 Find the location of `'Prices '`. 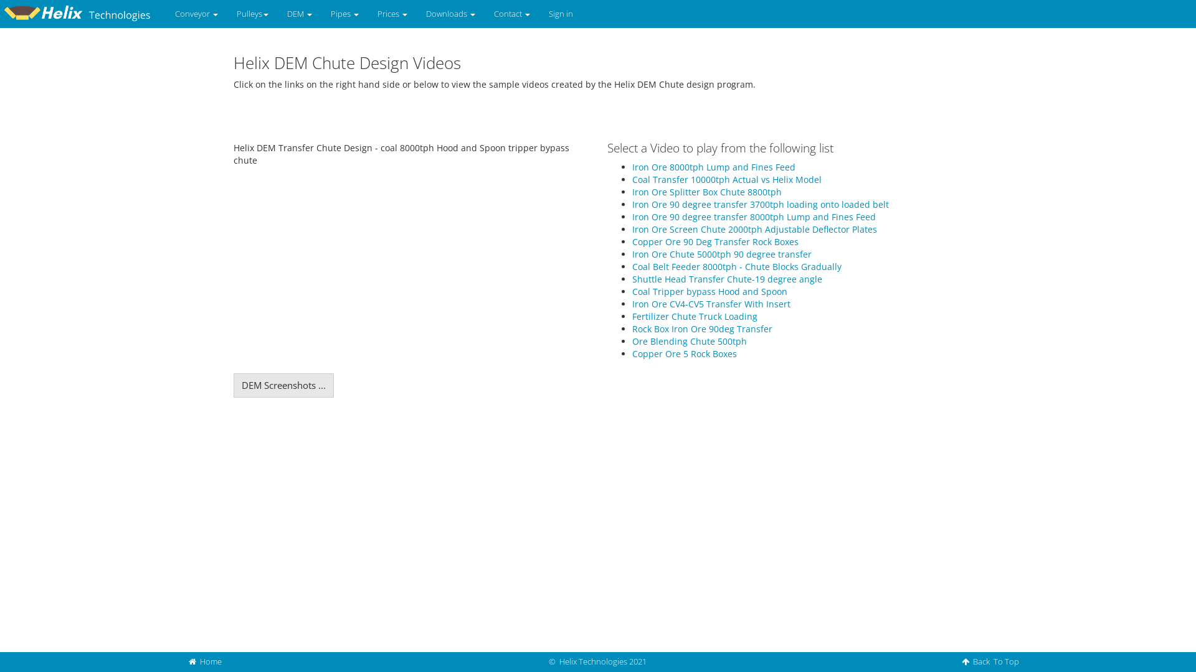

'Prices ' is located at coordinates (391, 14).